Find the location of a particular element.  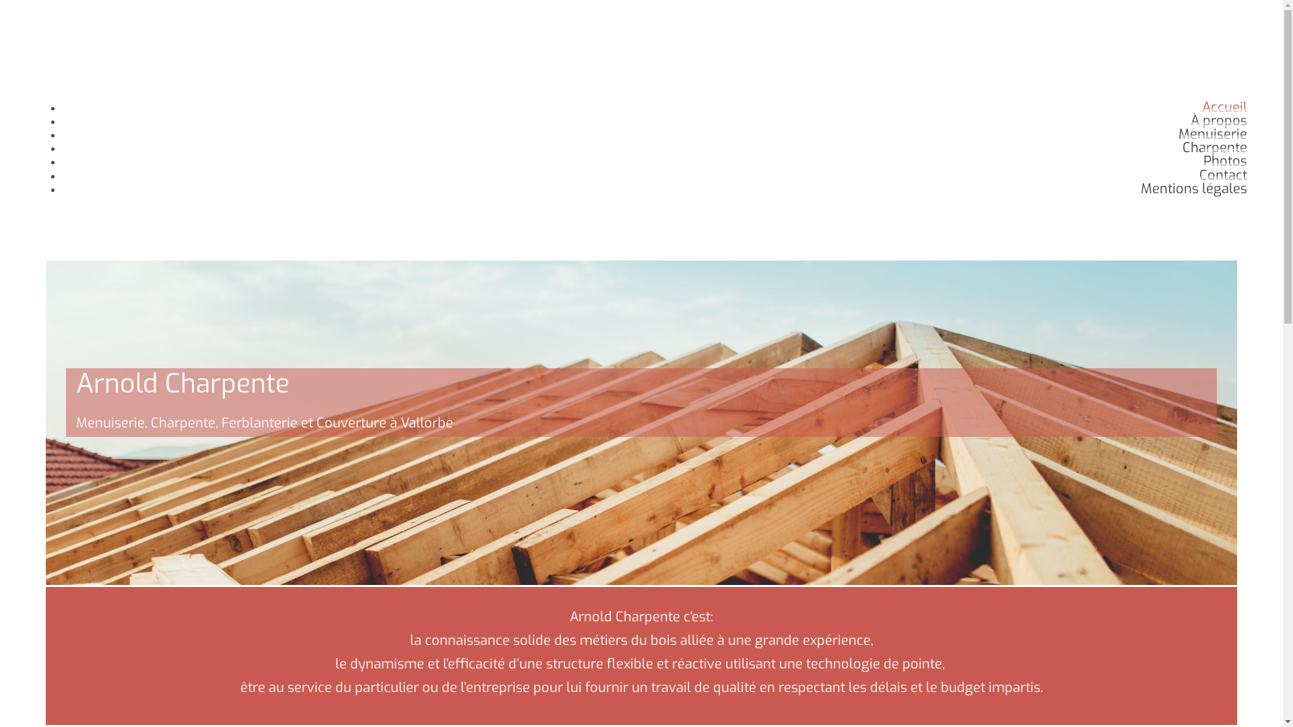

'Contact' is located at coordinates (1223, 174).